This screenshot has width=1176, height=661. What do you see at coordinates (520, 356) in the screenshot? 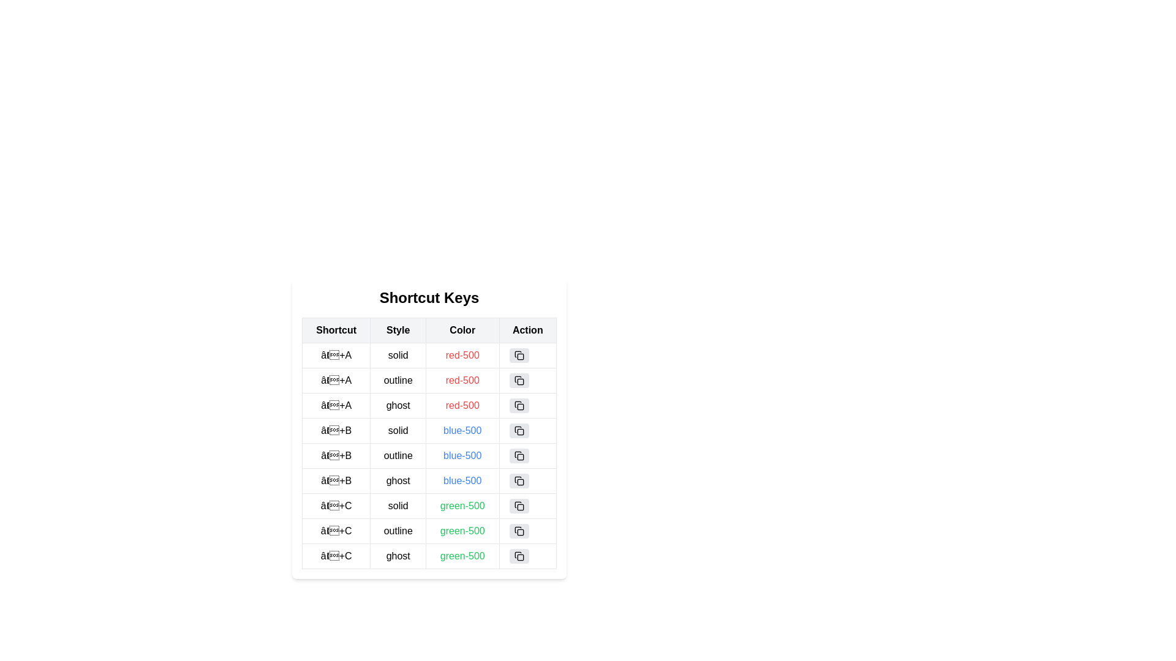
I see `the top-right copy icon in the 'Action' column of the table, which represents the action of copying something` at bounding box center [520, 356].